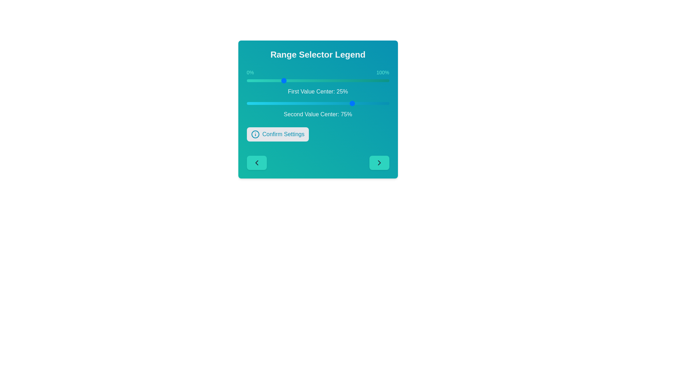 The width and height of the screenshot is (684, 384). Describe the element at coordinates (374, 103) in the screenshot. I see `the slider value` at that location.